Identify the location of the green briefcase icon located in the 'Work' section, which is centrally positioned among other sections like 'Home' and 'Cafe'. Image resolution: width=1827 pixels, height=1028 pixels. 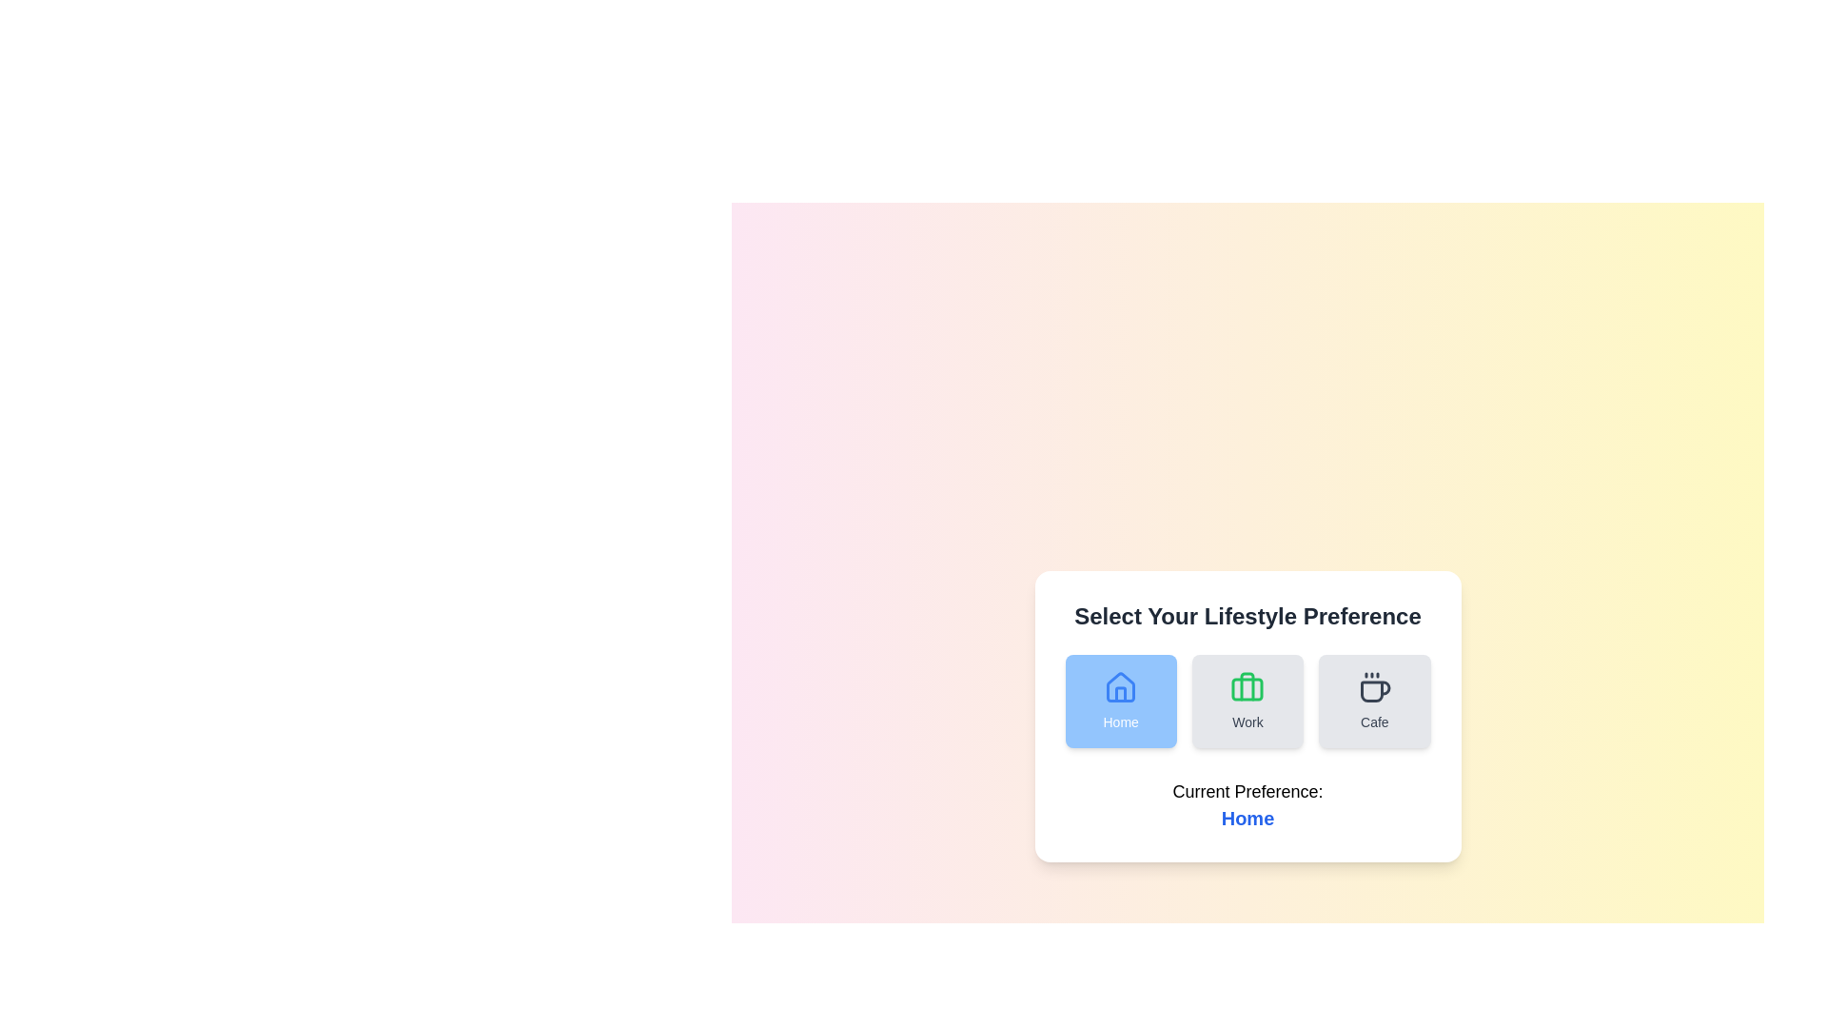
(1247, 687).